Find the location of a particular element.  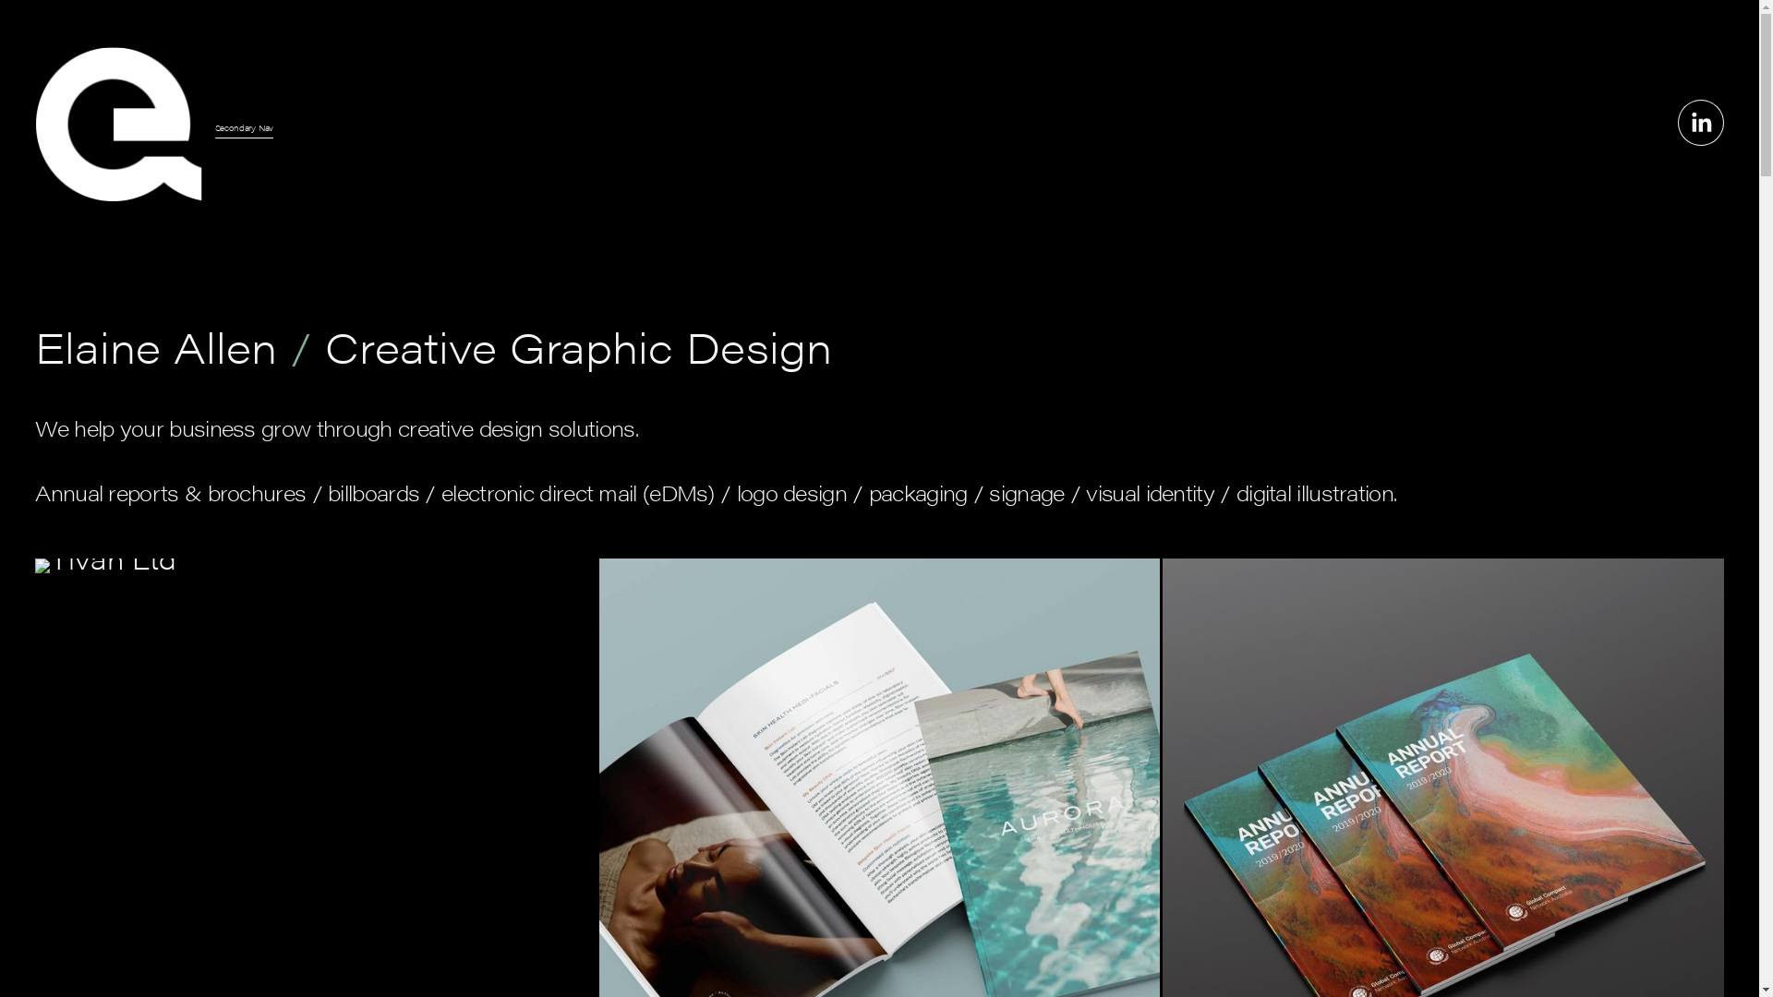

'Secondary Nav' is located at coordinates (243, 126).